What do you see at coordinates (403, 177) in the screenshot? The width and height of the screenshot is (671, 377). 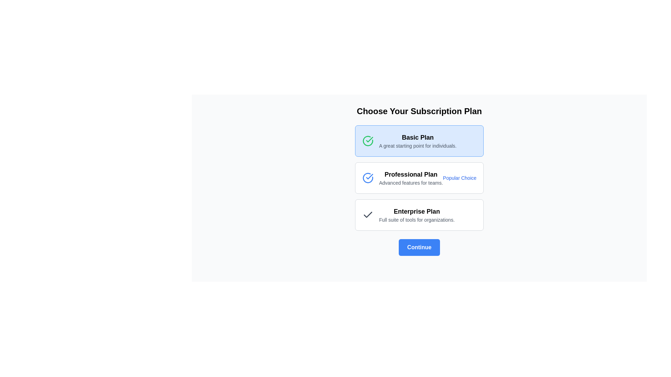 I see `the descriptive text block combining the title 'Professional Plan' and subtitle 'Advanced features for teams', which is centrally located in the middle card of subscription plans` at bounding box center [403, 177].